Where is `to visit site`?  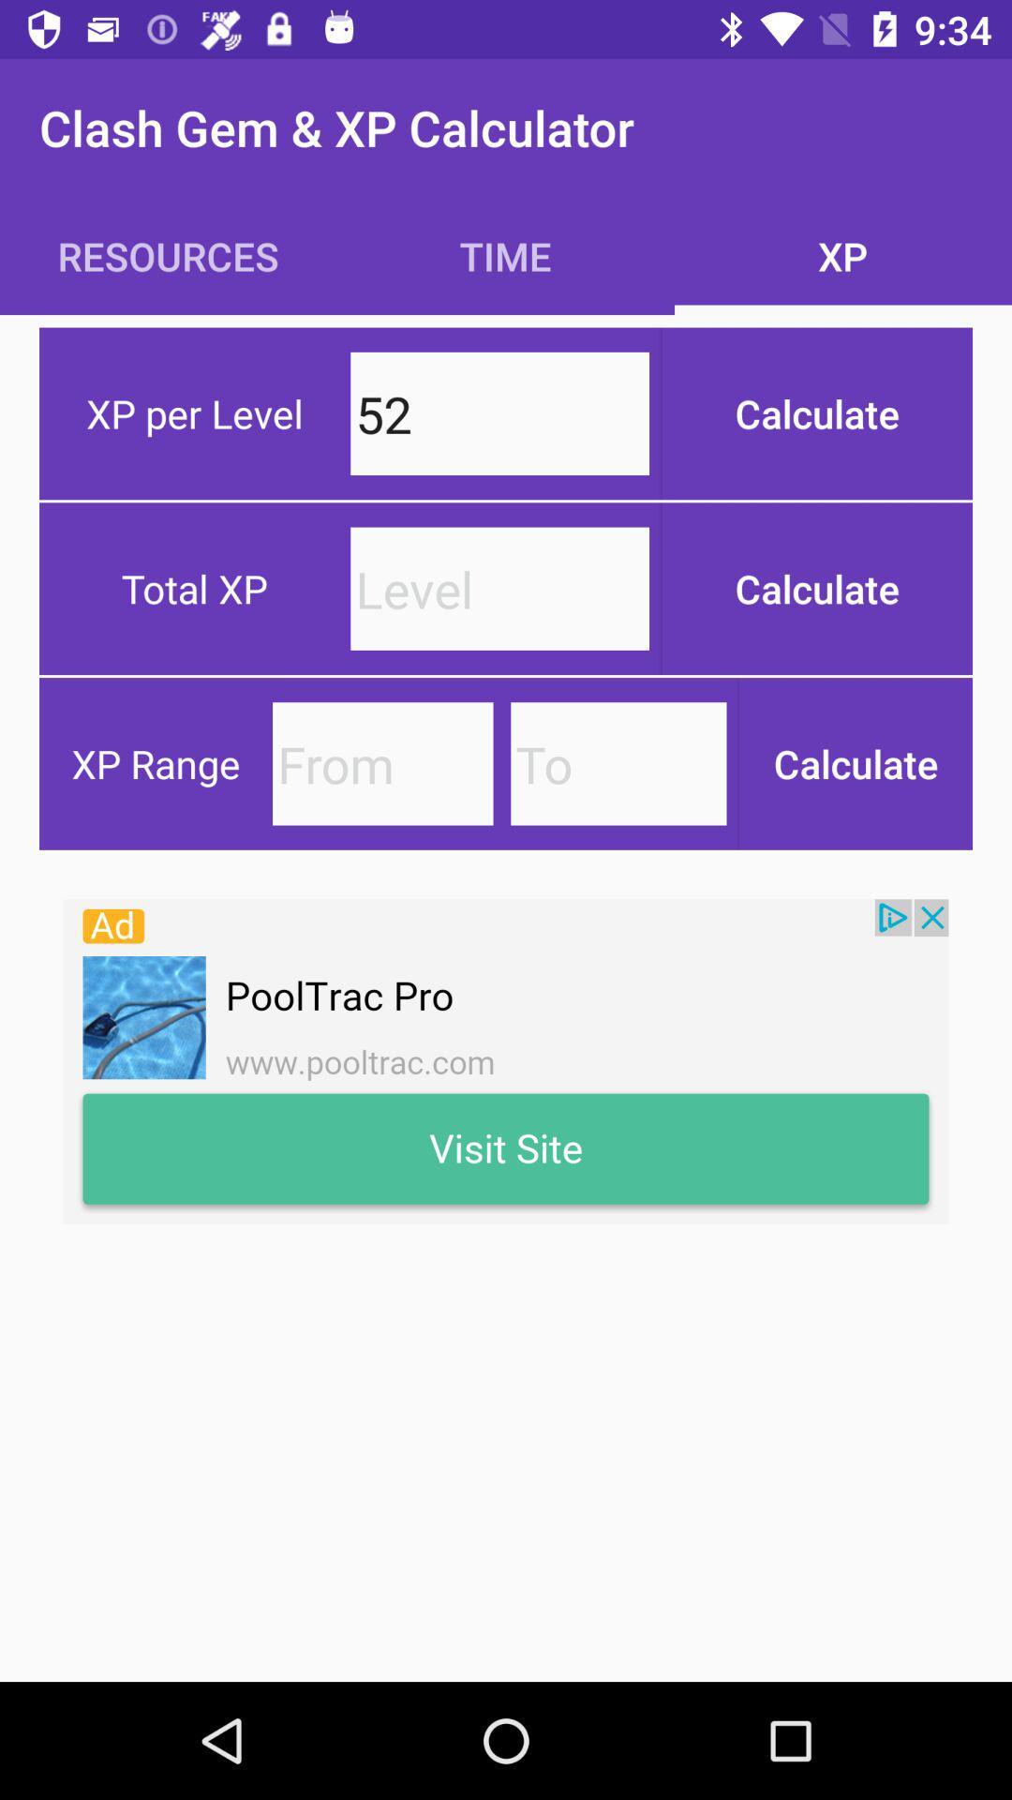 to visit site is located at coordinates (506, 1061).